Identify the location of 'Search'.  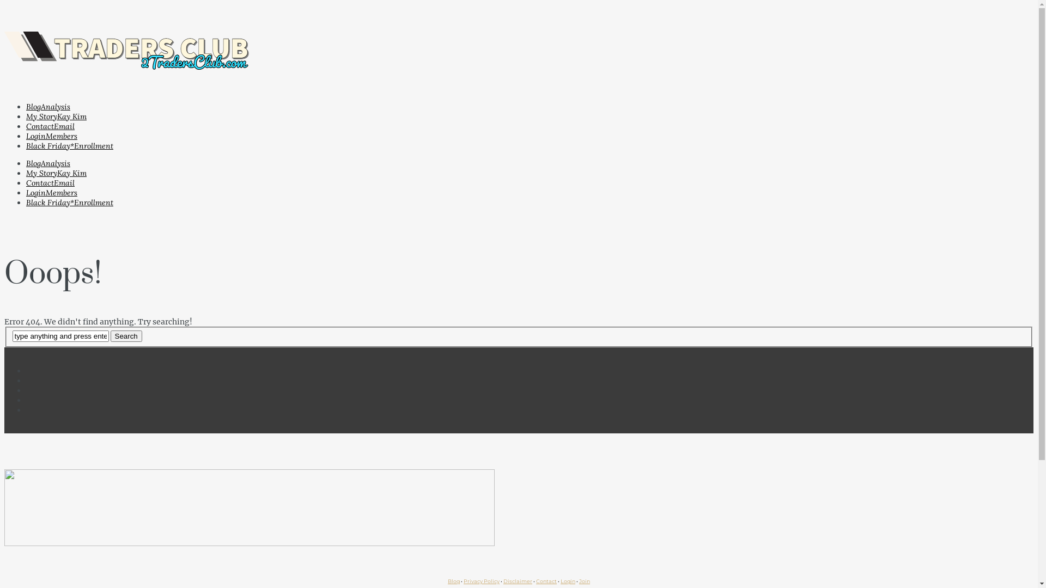
(125, 335).